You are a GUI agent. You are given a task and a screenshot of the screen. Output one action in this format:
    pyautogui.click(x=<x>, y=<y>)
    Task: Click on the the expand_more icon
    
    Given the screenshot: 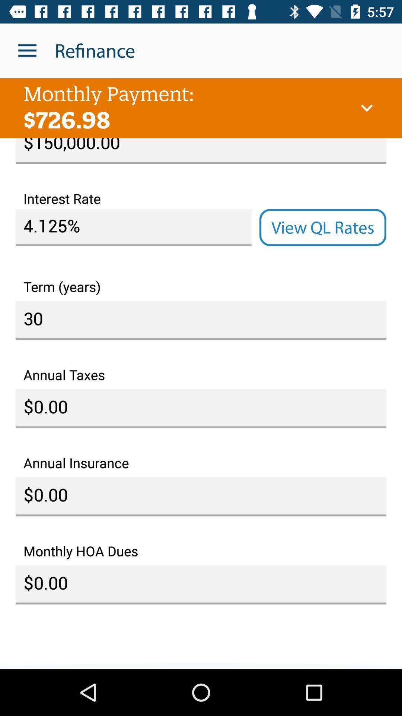 What is the action you would take?
    pyautogui.click(x=366, y=108)
    